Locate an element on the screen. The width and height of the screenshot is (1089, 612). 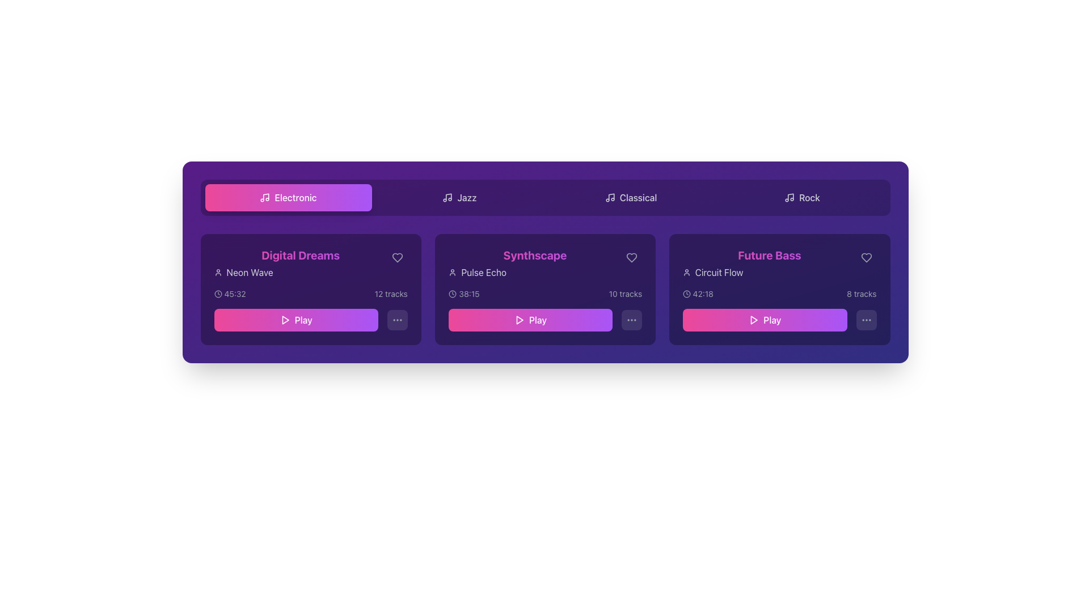
the 'Play' button, which is displayed in white sans-serif font against a gradient pink to purple background, located in the central card titled 'Synthscape' is located at coordinates (537, 320).